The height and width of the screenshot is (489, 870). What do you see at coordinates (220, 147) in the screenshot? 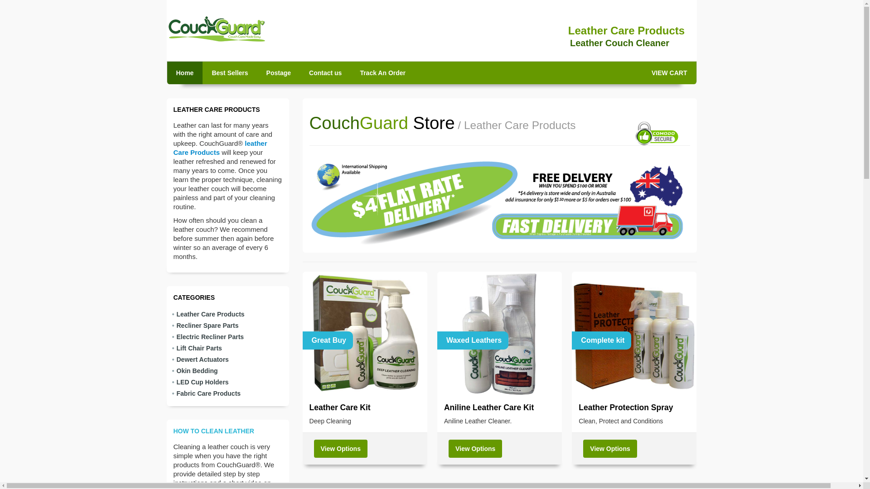
I see `'leather Care Products'` at bounding box center [220, 147].